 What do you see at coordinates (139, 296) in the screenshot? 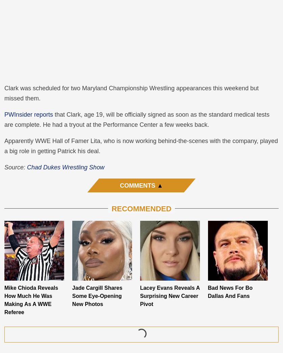
I see `'Lacey Evans Reveals A Surprising New Career Pivot'` at bounding box center [139, 296].